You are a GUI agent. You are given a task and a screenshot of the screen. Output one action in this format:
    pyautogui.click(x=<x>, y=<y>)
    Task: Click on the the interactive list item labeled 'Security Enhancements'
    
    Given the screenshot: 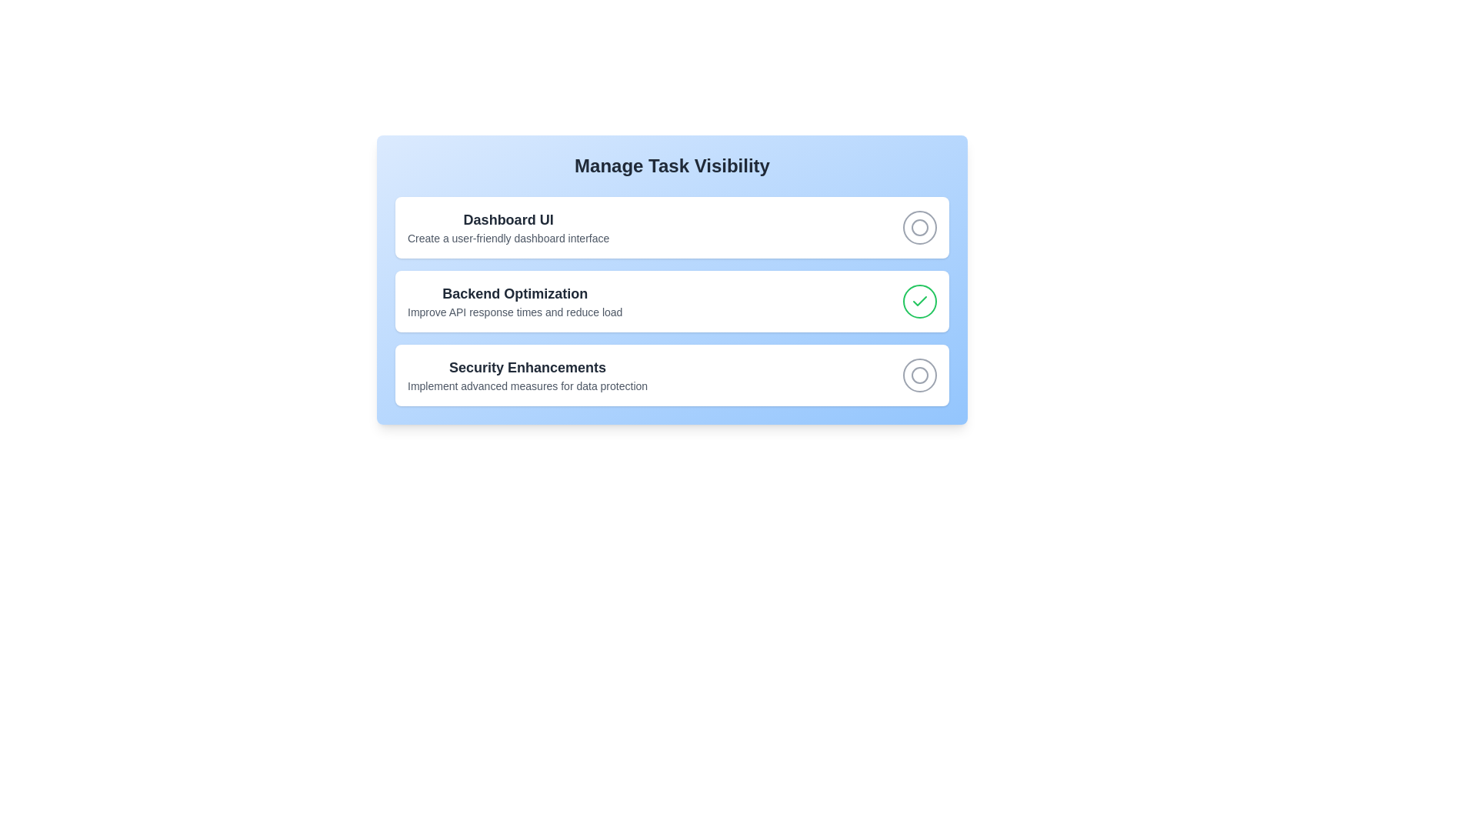 What is the action you would take?
    pyautogui.click(x=672, y=375)
    